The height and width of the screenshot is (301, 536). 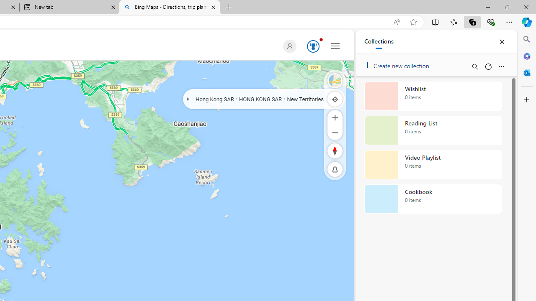 I want to click on 'Video Playlist collection, 0 items', so click(x=433, y=165).